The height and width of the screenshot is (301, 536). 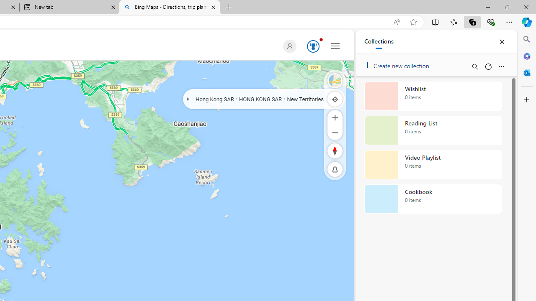 I want to click on 'Video Playlist collection, 0 items', so click(x=433, y=165).